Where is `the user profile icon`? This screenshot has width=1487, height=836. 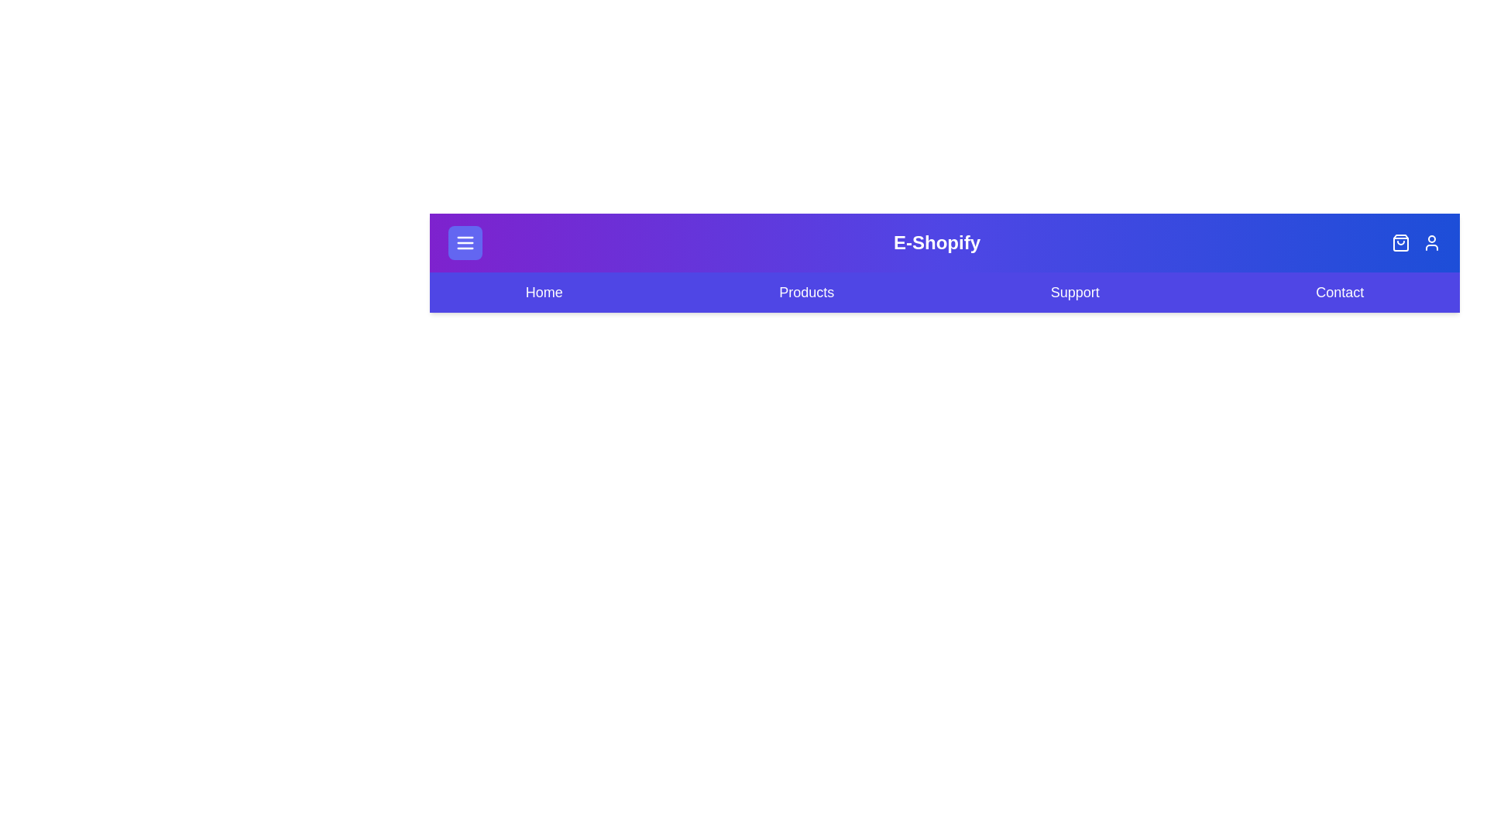
the user profile icon is located at coordinates (1430, 242).